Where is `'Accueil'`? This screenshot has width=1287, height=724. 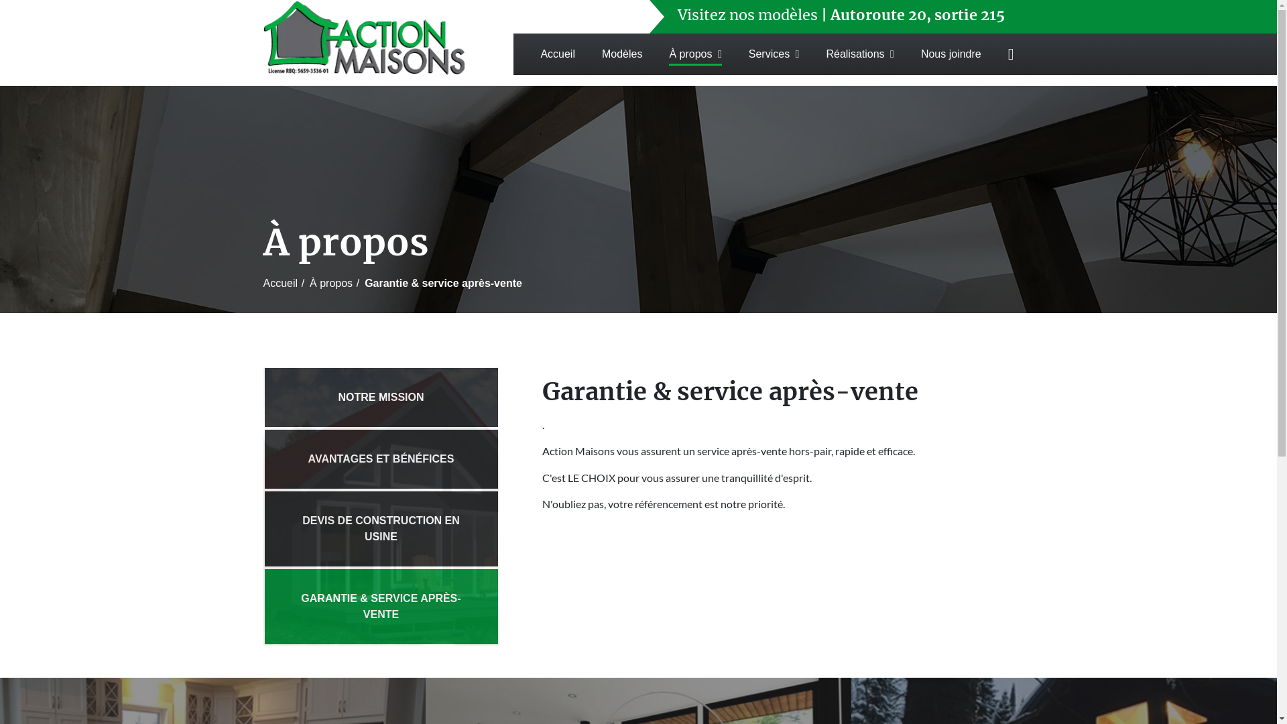
'Accueil' is located at coordinates (557, 54).